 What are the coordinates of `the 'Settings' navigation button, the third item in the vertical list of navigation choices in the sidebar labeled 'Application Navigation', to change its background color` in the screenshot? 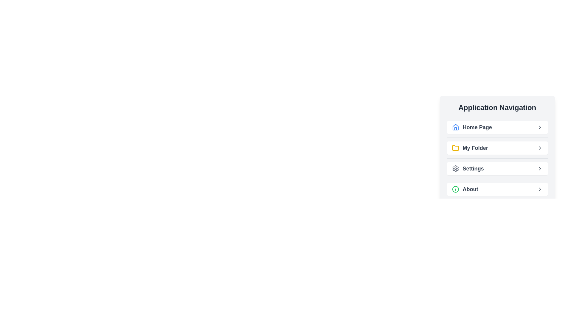 It's located at (497, 168).